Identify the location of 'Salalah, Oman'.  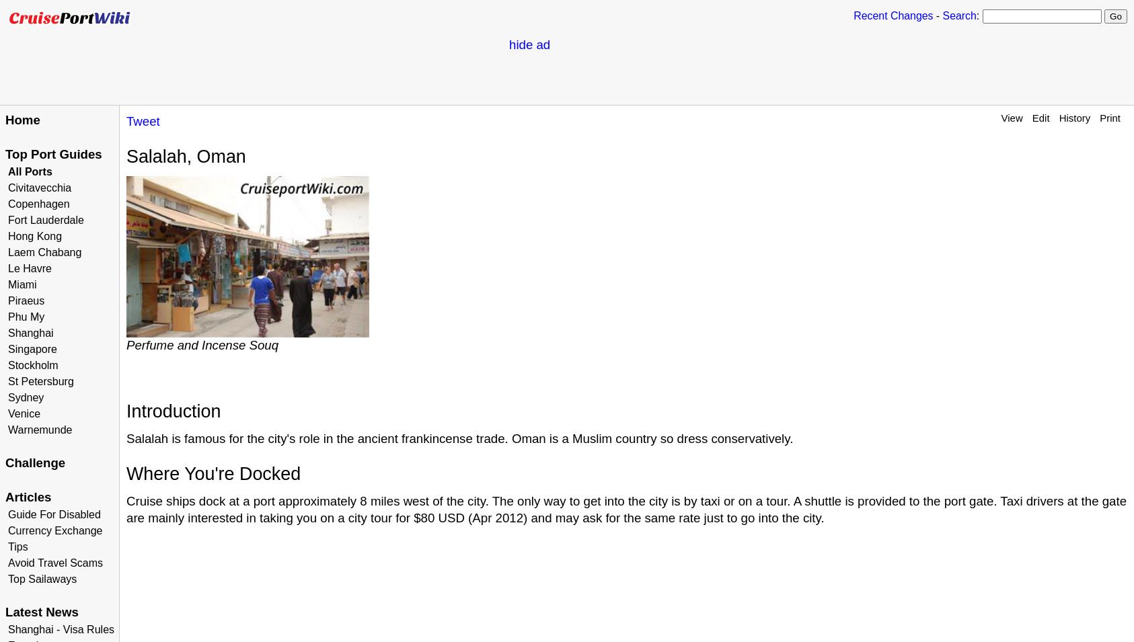
(126, 155).